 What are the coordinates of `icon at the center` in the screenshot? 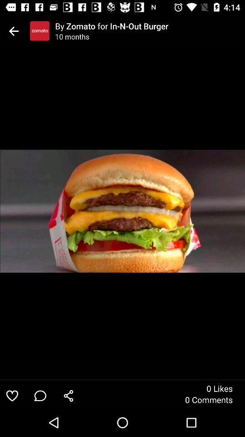 It's located at (122, 211).